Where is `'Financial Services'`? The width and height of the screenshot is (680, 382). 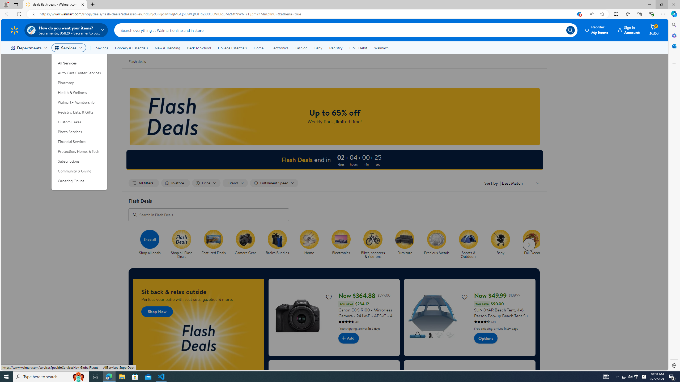 'Financial Services' is located at coordinates (79, 141).